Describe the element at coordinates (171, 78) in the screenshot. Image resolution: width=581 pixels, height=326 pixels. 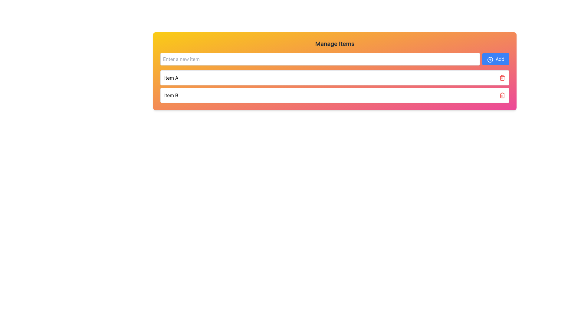
I see `the text label displaying 'Item A' which is located above 'Item B' in the first list item of a vertical stack` at that location.